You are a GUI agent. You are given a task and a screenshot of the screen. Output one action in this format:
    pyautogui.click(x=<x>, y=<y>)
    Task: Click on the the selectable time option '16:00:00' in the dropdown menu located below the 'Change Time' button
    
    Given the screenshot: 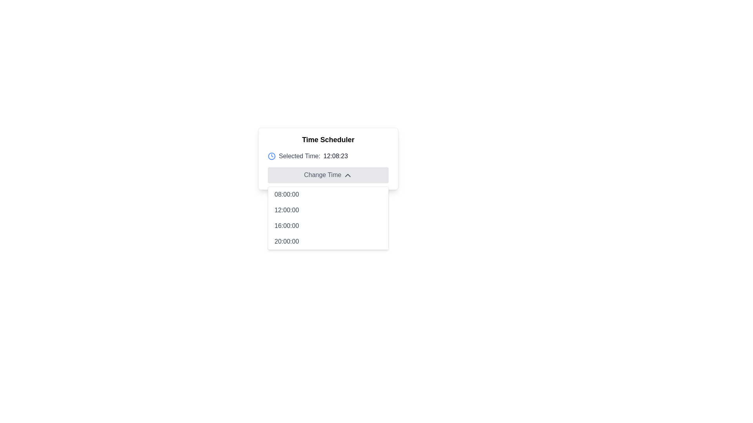 What is the action you would take?
    pyautogui.click(x=328, y=225)
    